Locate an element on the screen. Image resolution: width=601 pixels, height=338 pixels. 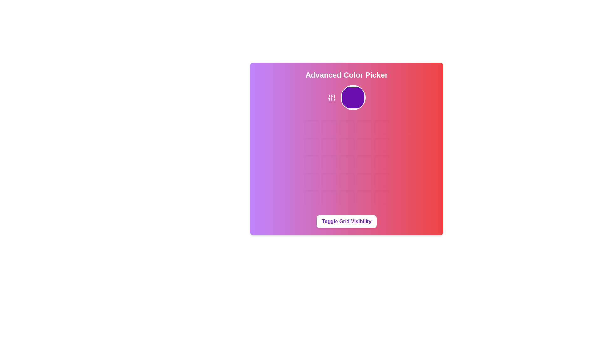
the grid cell located in the third column of the second row, which has a rounded design and a smooth gradient background from light purple to pink is located at coordinates (346, 145).